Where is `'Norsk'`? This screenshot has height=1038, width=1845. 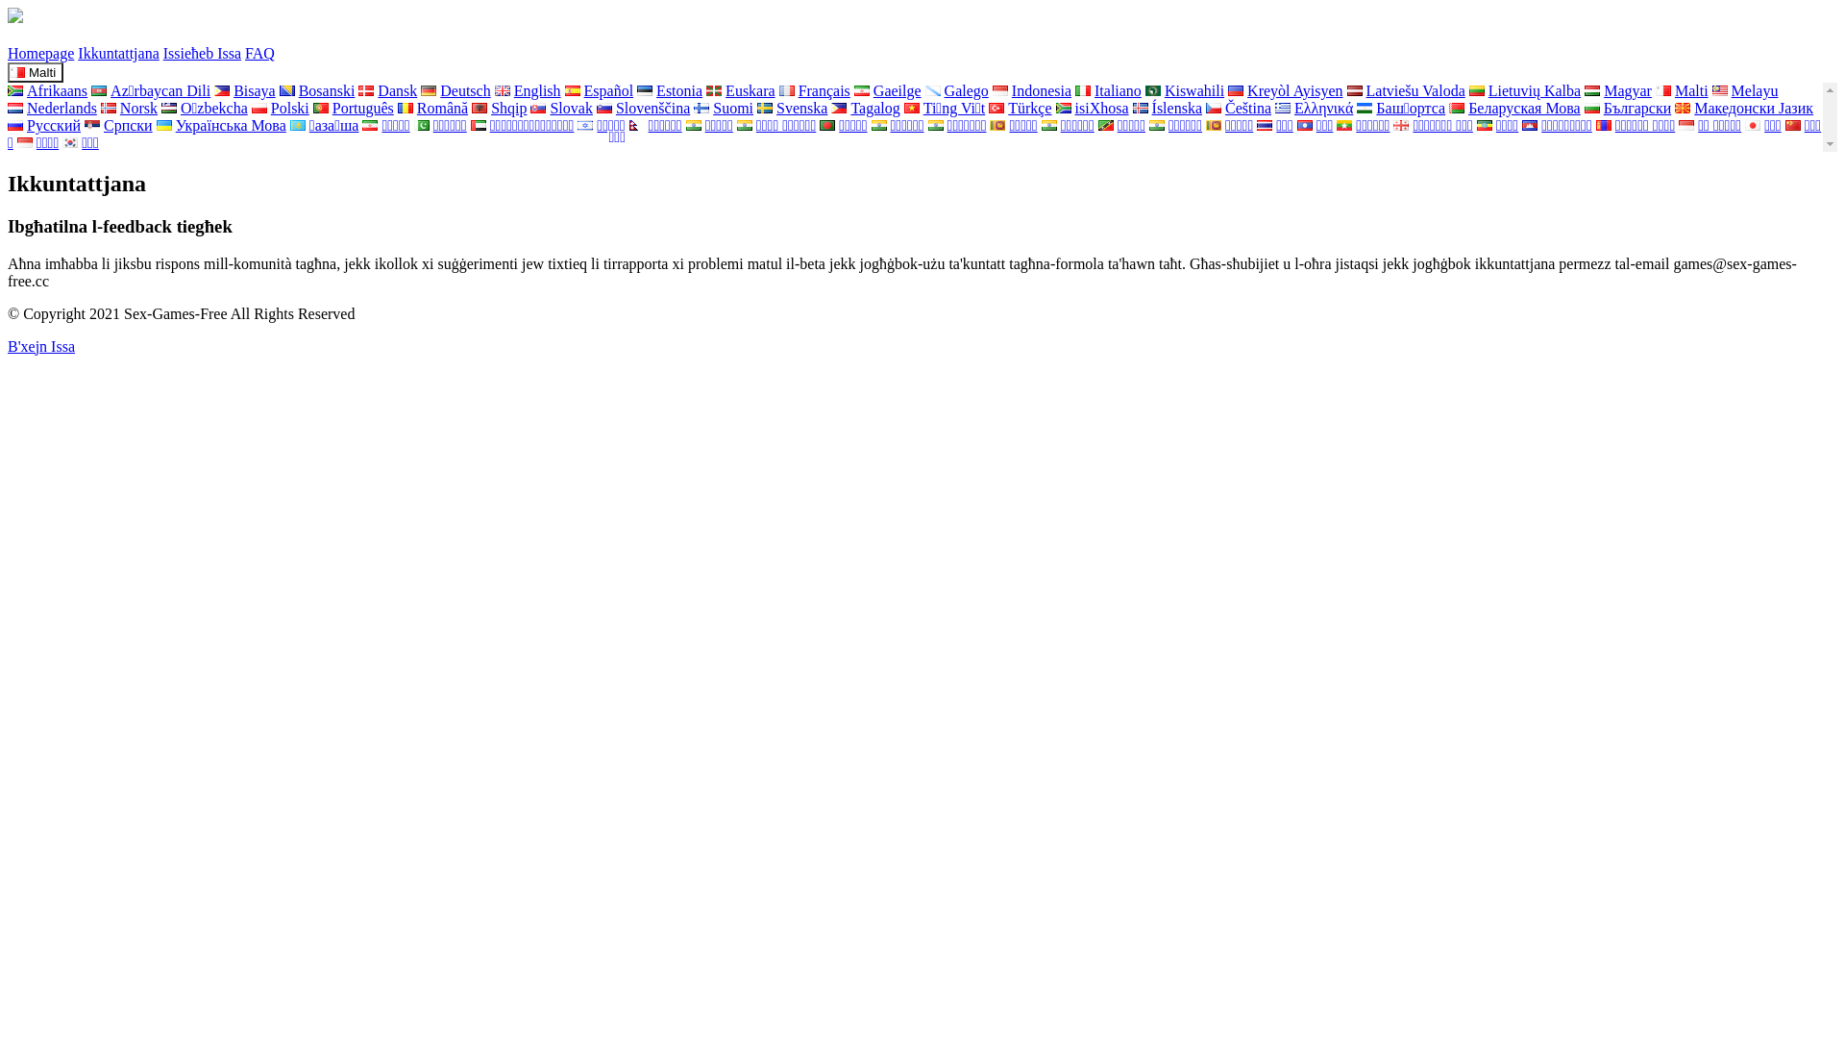 'Norsk' is located at coordinates (128, 108).